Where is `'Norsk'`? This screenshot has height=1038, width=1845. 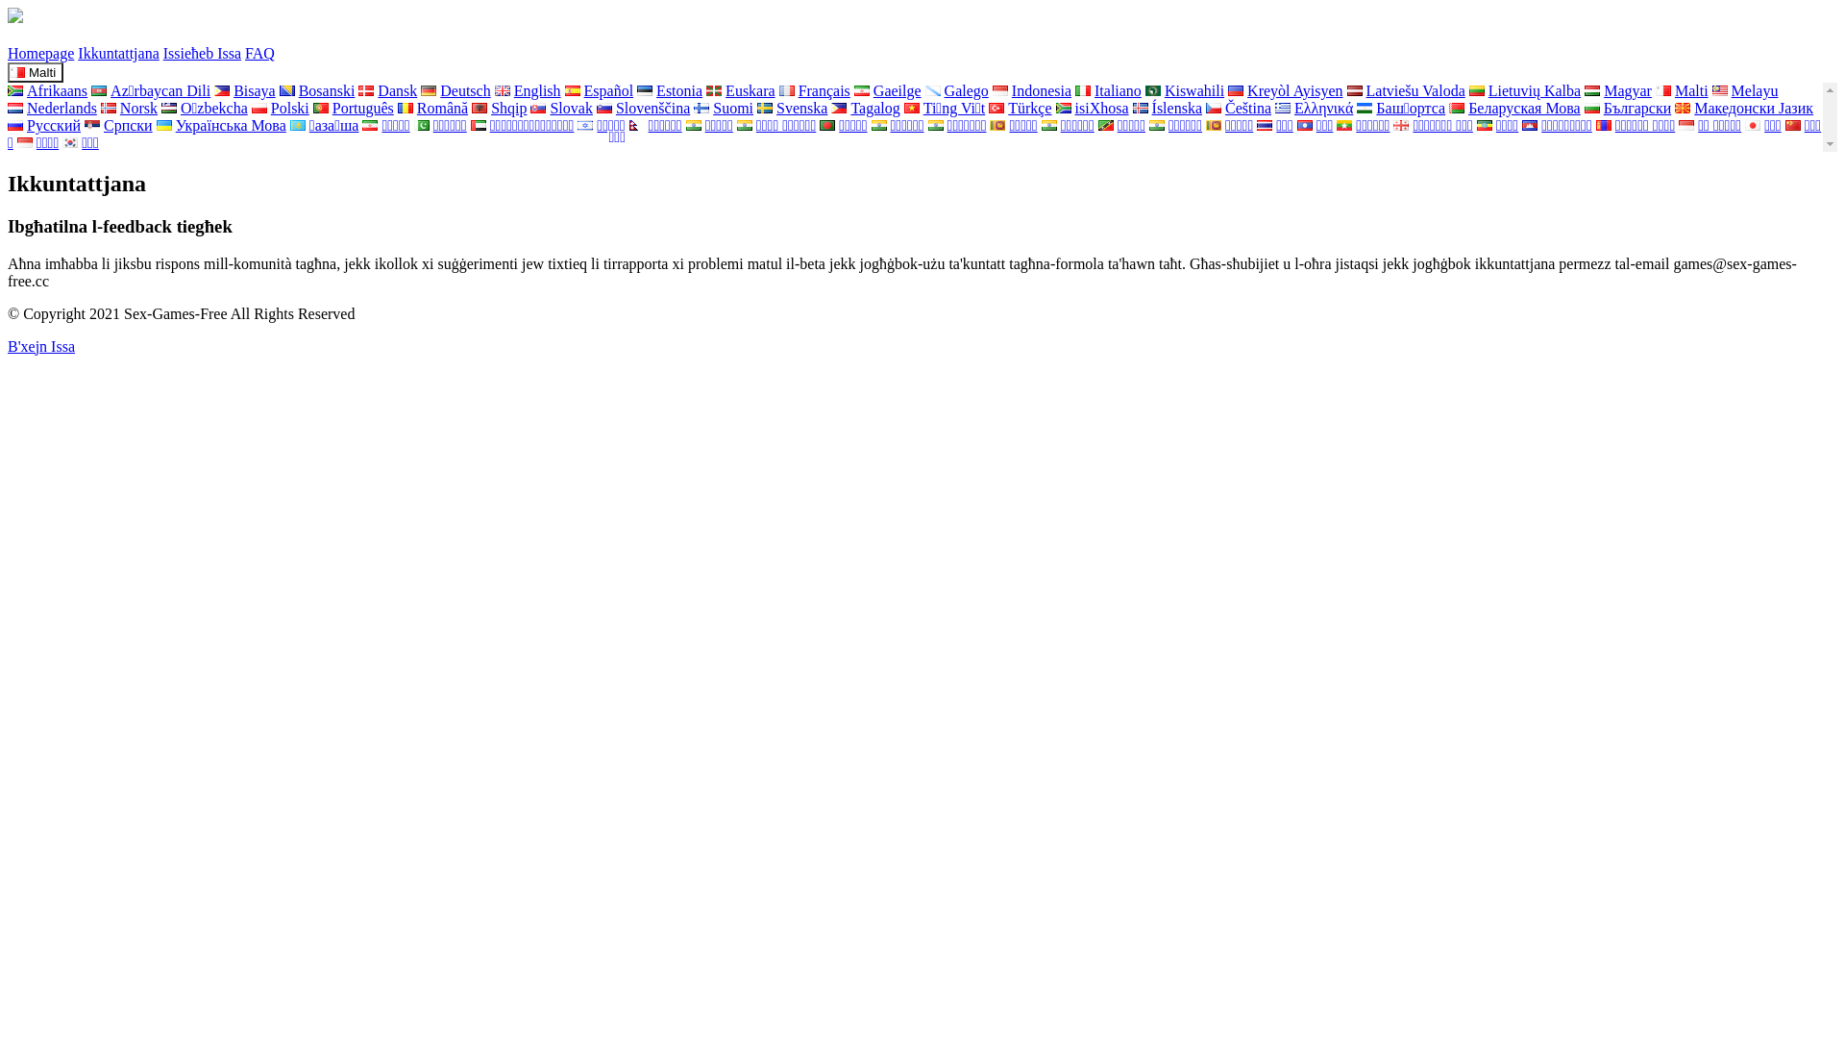 'Norsk' is located at coordinates (128, 108).